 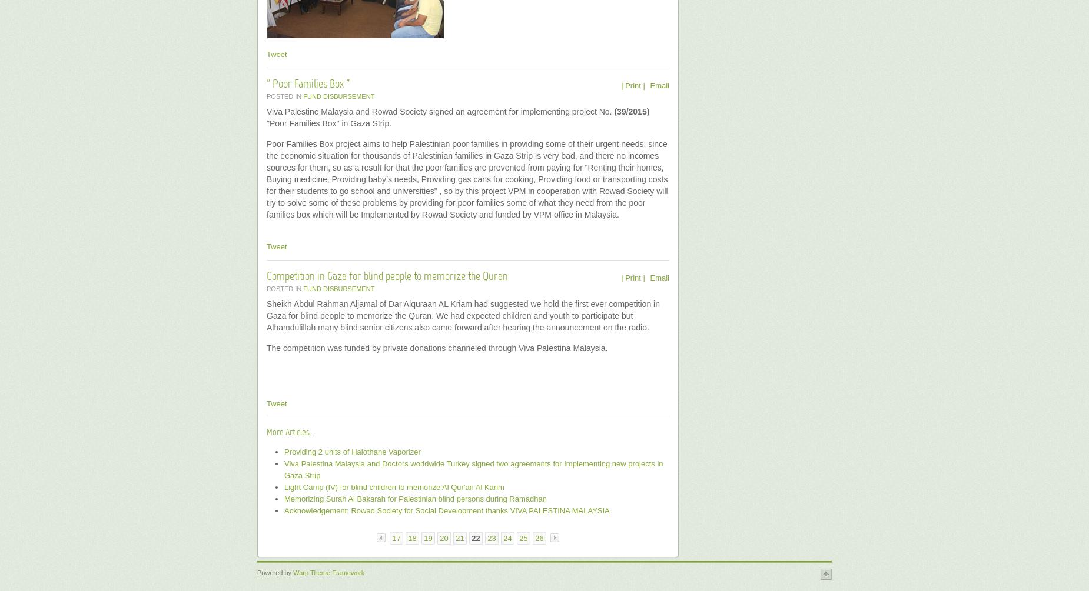 I want to click on '23', so click(x=492, y=537).